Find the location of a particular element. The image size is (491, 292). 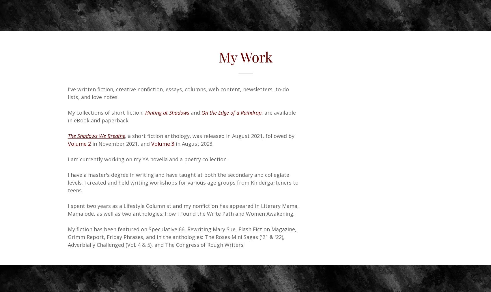

'My fiction has been featured on Speculative 66, Rewriting Mary Sue, Flash Fiction Magazine, Grimm Report, Friday Phrases, and in the anthologies:' is located at coordinates (67, 233).